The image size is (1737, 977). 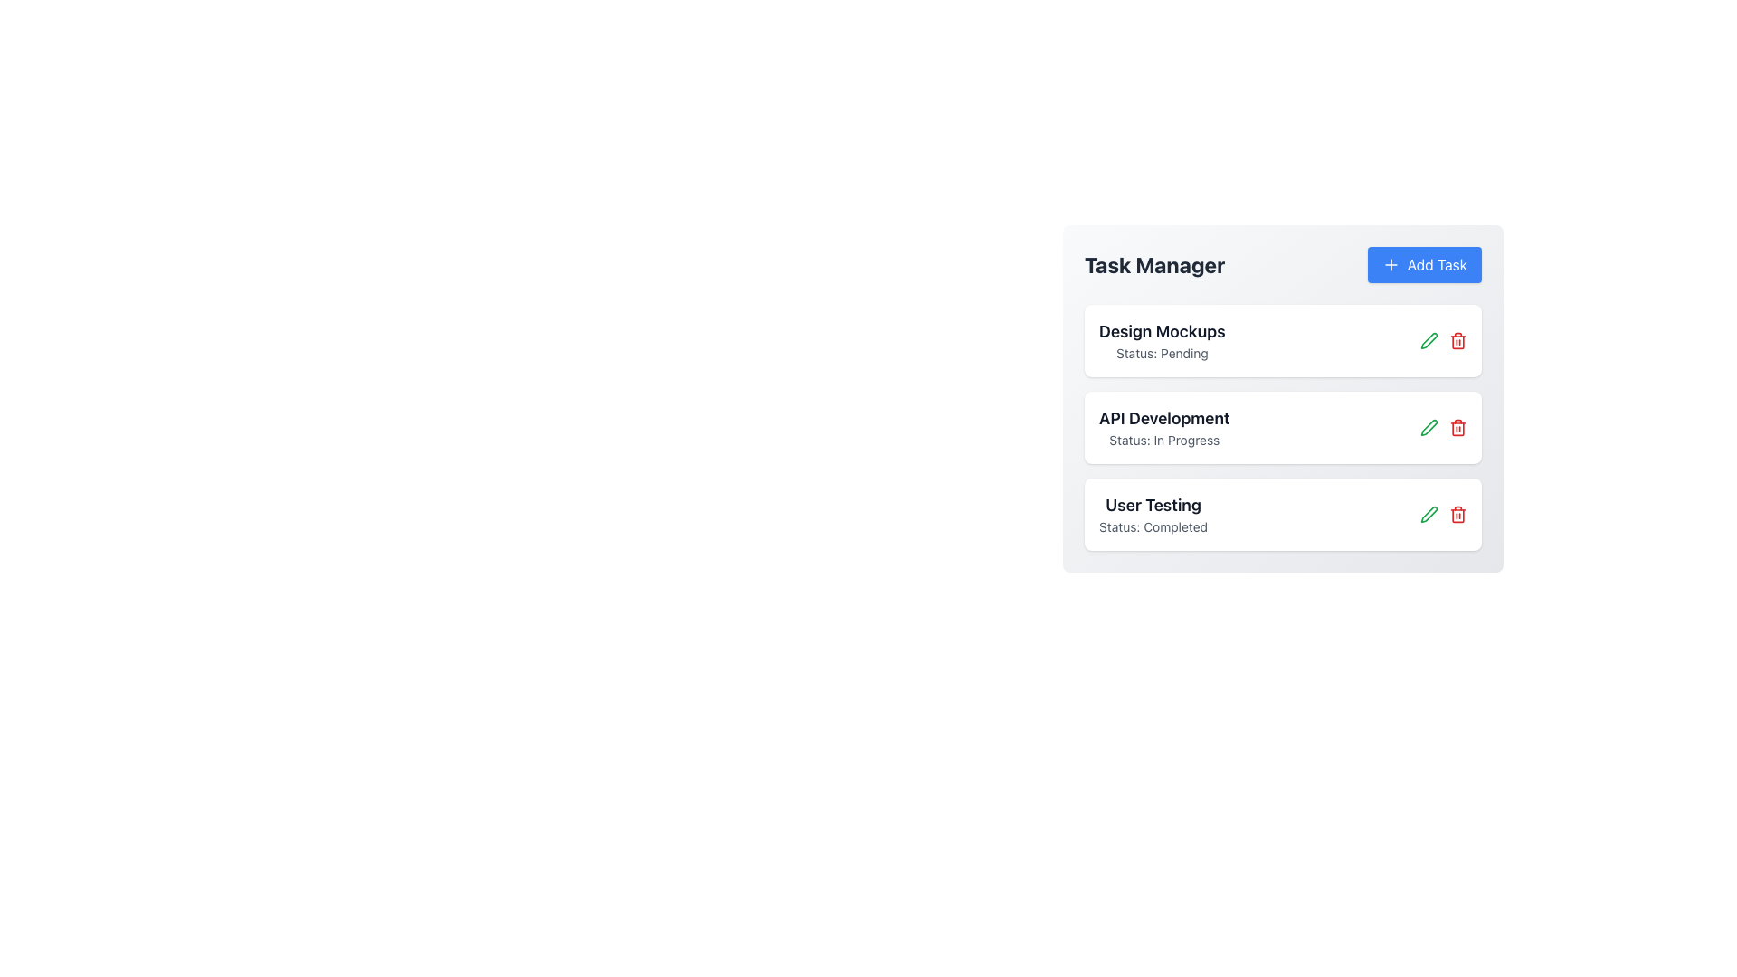 What do you see at coordinates (1458, 428) in the screenshot?
I see `the delete button for the task named 'API Development' located in the second task row of the task manager interface` at bounding box center [1458, 428].